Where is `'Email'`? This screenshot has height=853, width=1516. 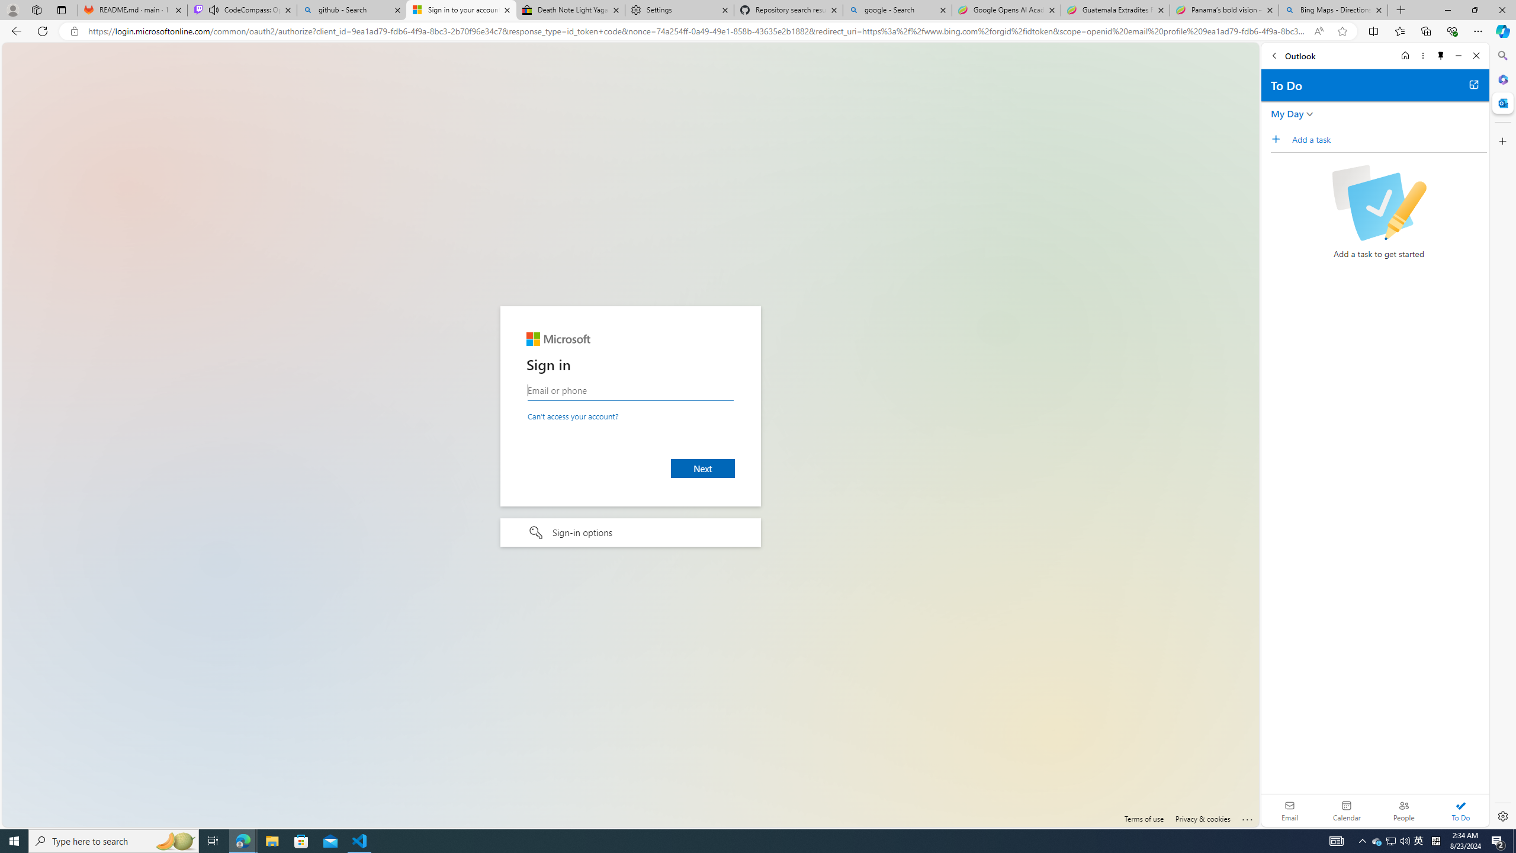
'Email' is located at coordinates (1289, 810).